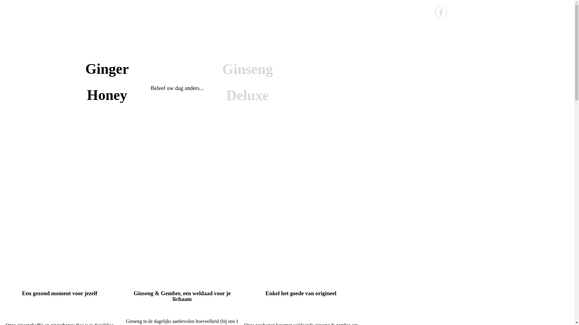 The width and height of the screenshot is (579, 325). What do you see at coordinates (301, 293) in the screenshot?
I see `'Enkel het goede van origineel'` at bounding box center [301, 293].